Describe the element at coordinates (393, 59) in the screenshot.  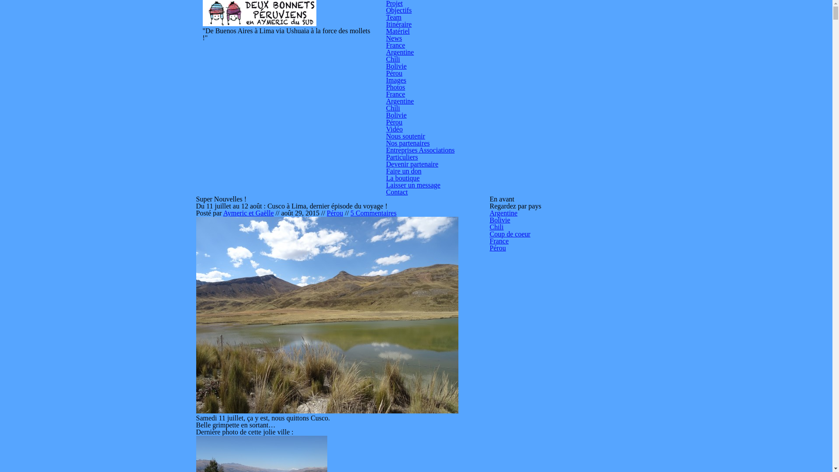
I see `'Chili'` at that location.